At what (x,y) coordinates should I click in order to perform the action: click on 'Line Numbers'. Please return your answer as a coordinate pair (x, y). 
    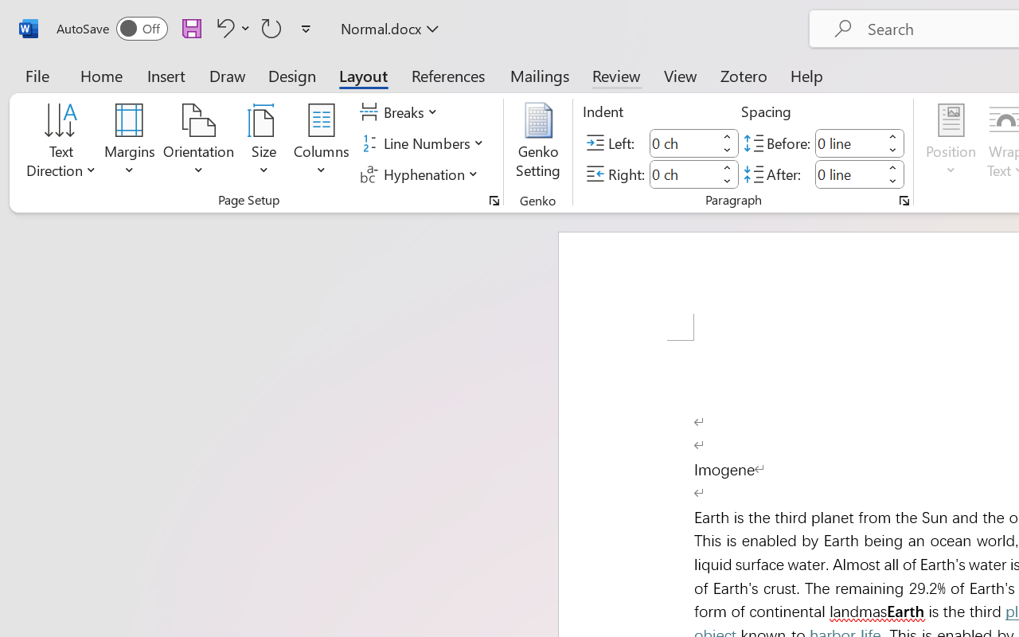
    Looking at the image, I should click on (424, 143).